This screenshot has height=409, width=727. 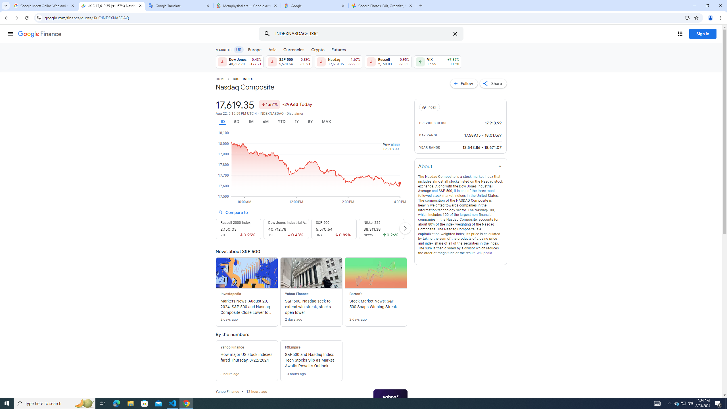 I want to click on 'Share', so click(x=493, y=83).